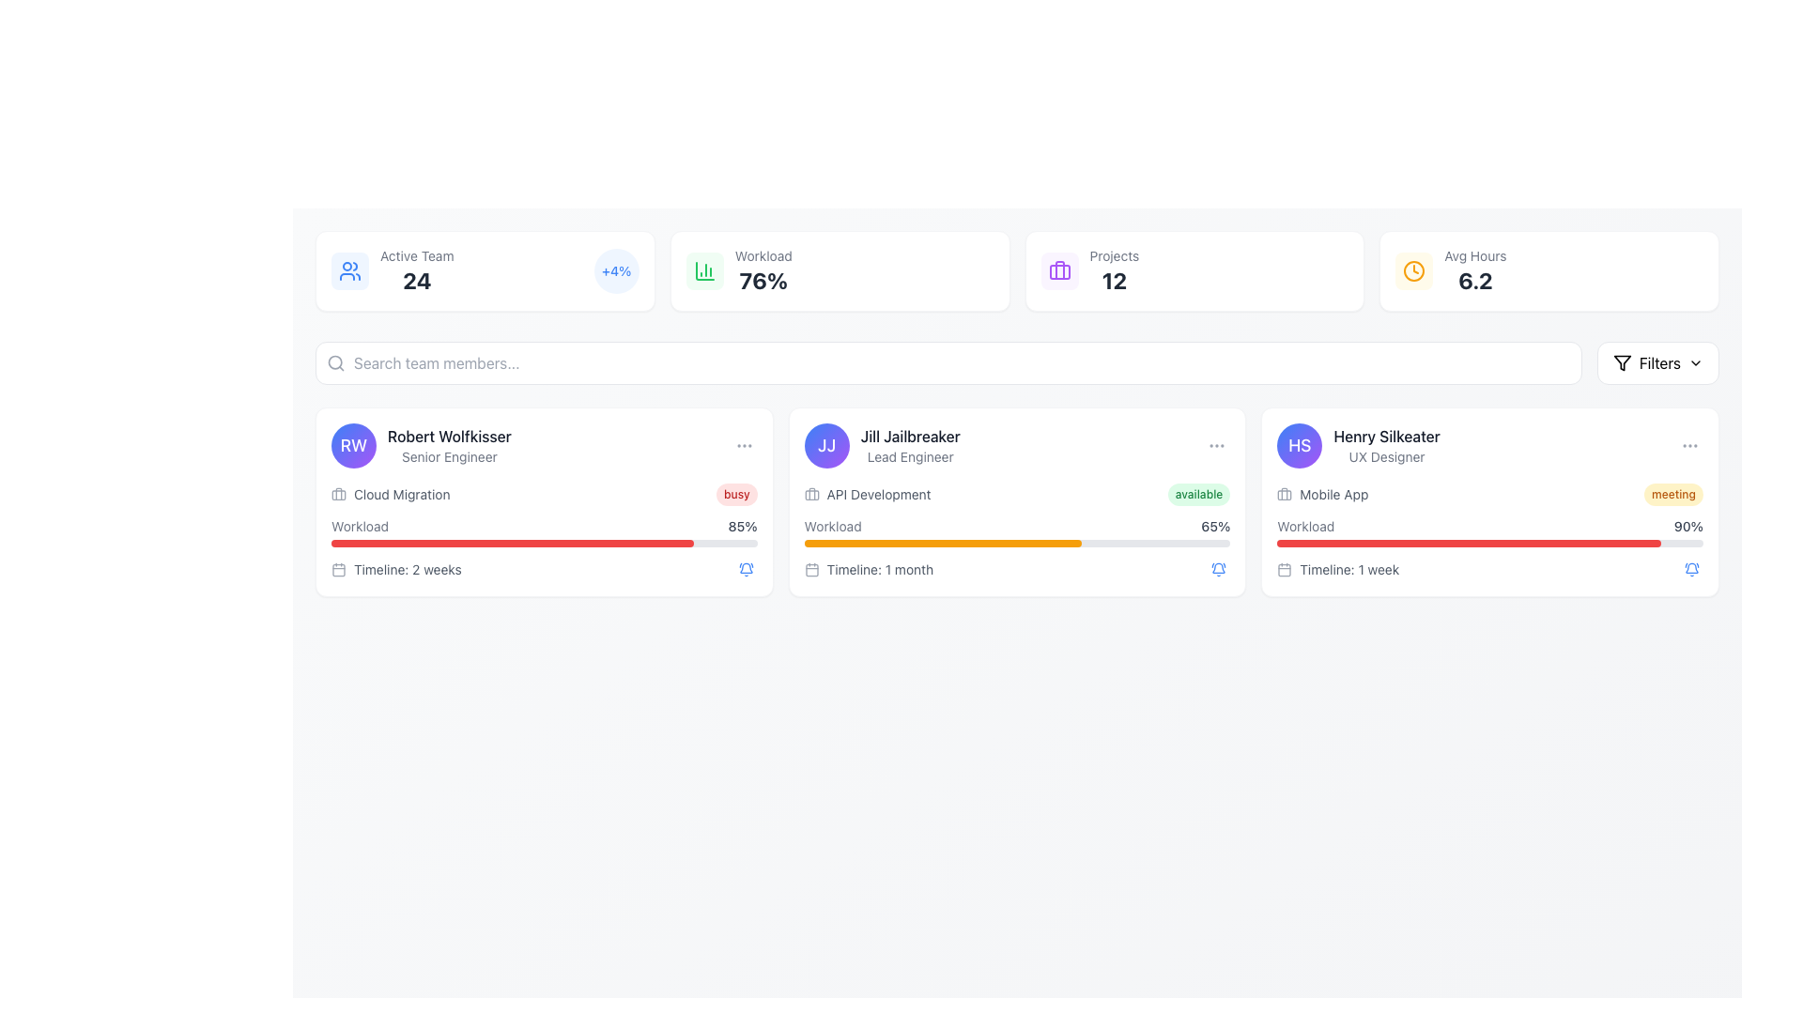  What do you see at coordinates (401, 494) in the screenshot?
I see `text label located in the first card of the UI layout, specifically under the name 'Robert Wolfkisser' and to the right of a briefcase icon` at bounding box center [401, 494].